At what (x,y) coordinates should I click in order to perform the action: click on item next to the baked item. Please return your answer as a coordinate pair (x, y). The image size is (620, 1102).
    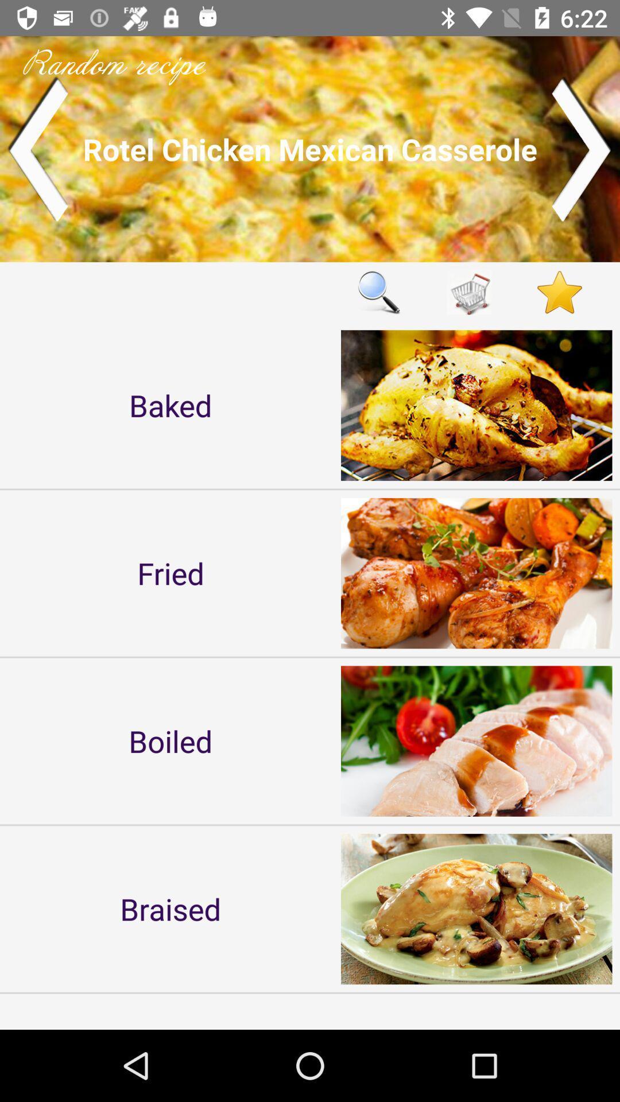
    Looking at the image, I should click on (378, 292).